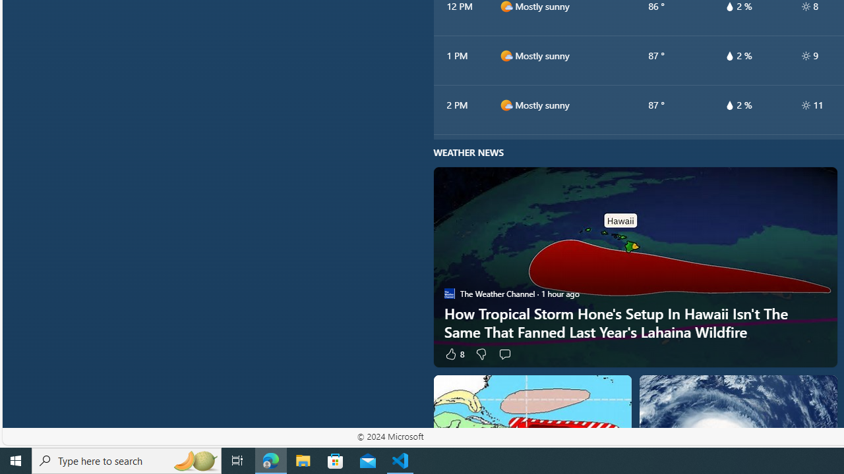  What do you see at coordinates (479, 353) in the screenshot?
I see `'Dislike'` at bounding box center [479, 353].